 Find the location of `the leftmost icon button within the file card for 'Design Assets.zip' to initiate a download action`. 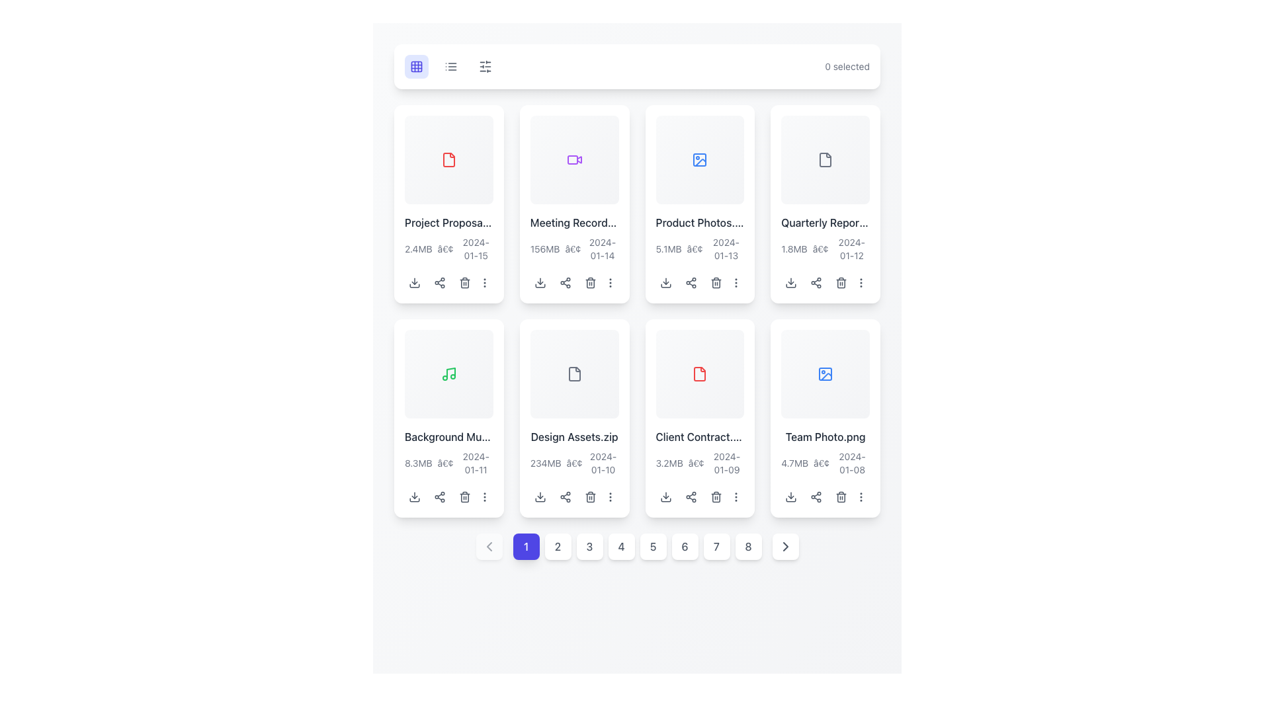

the leftmost icon button within the file card for 'Design Assets.zip' to initiate a download action is located at coordinates (540, 496).